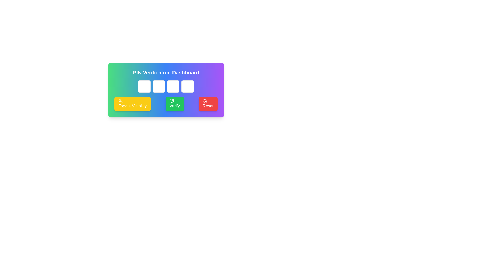 This screenshot has height=278, width=495. Describe the element at coordinates (171, 101) in the screenshot. I see `the circular SVG icon with a green fill that represents a checkmark, located centrally within the 'Verify' button` at that location.